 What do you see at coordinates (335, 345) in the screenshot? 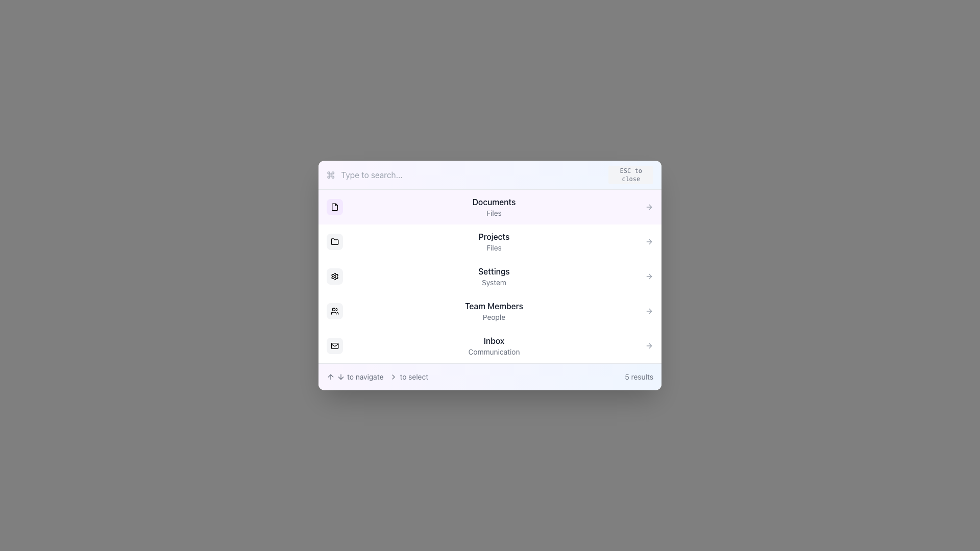
I see `the mail icon located to the left of the 'Inbox' text label in the dropdown menu` at bounding box center [335, 345].